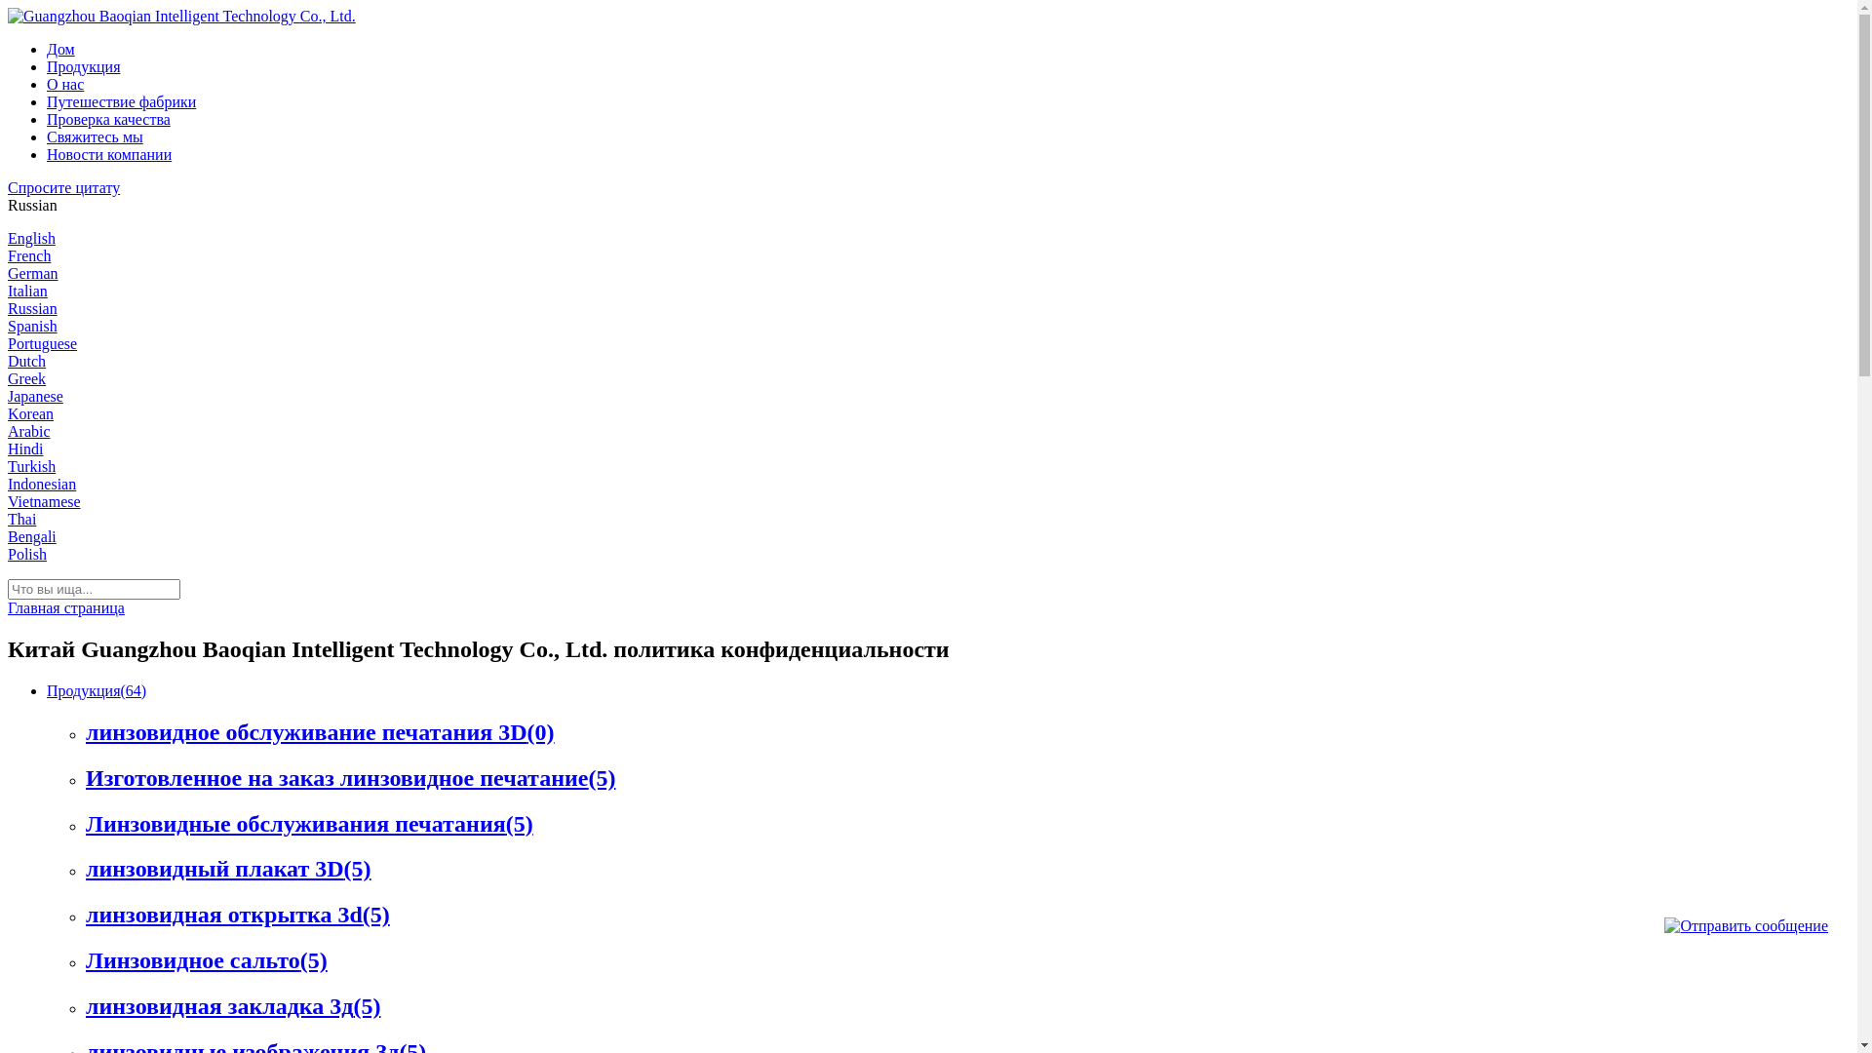 Image resolution: width=1872 pixels, height=1053 pixels. Describe the element at coordinates (28, 254) in the screenshot. I see `'French'` at that location.